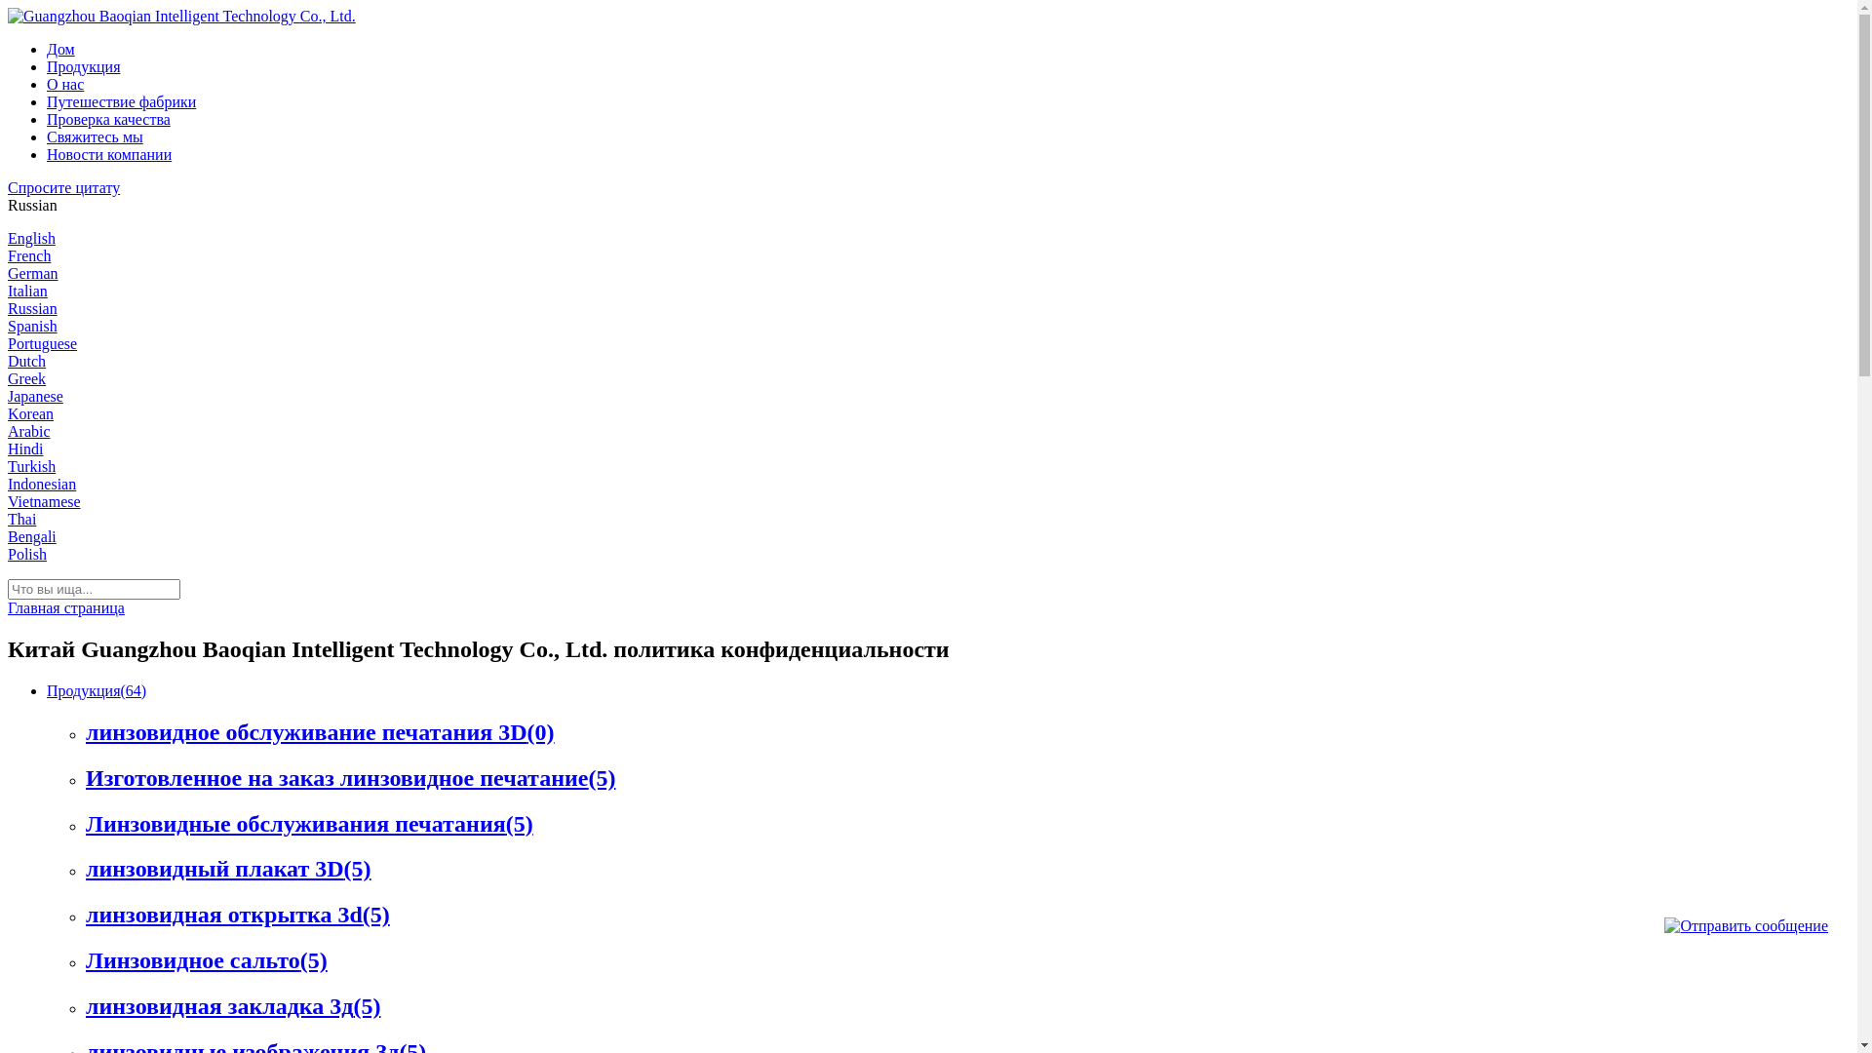 Image resolution: width=1872 pixels, height=1053 pixels. Describe the element at coordinates (28, 254) in the screenshot. I see `'French'` at that location.